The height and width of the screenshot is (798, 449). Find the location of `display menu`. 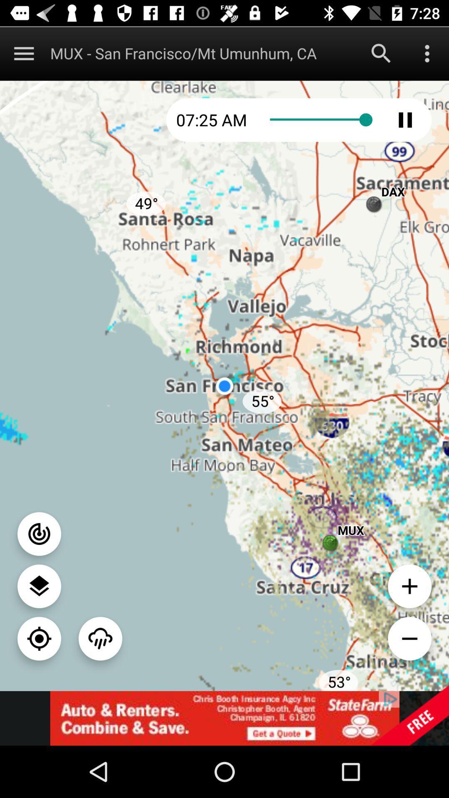

display menu is located at coordinates (23, 53).